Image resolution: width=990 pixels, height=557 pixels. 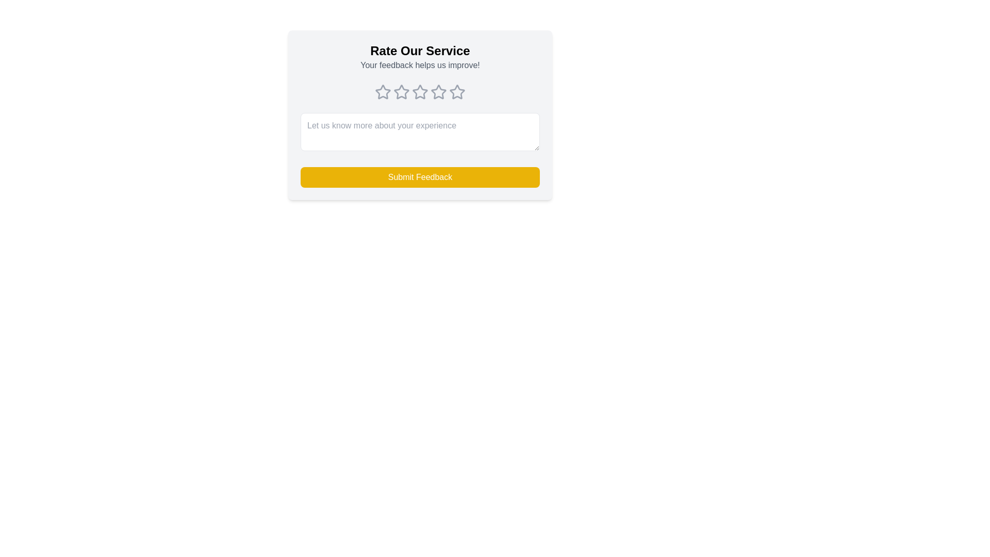 What do you see at coordinates (456, 91) in the screenshot?
I see `the fifth star icon in the rating series` at bounding box center [456, 91].